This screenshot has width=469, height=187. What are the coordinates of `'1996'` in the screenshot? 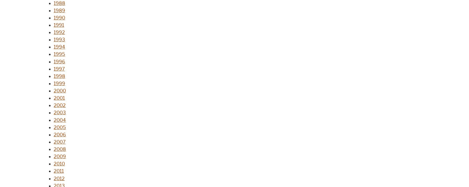 It's located at (59, 61).